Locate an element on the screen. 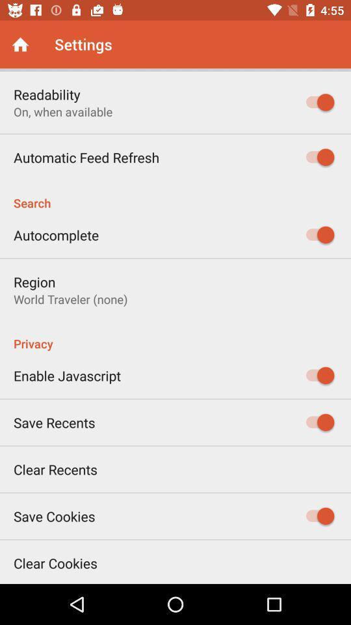 The height and width of the screenshot is (625, 351). icon above clear recents item is located at coordinates (53, 422).